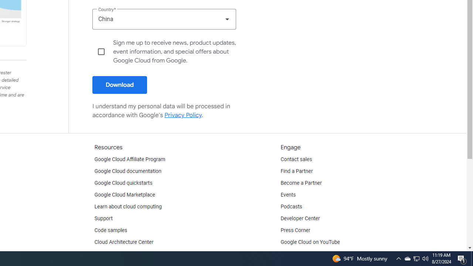  I want to click on 'Code samples', so click(110, 230).